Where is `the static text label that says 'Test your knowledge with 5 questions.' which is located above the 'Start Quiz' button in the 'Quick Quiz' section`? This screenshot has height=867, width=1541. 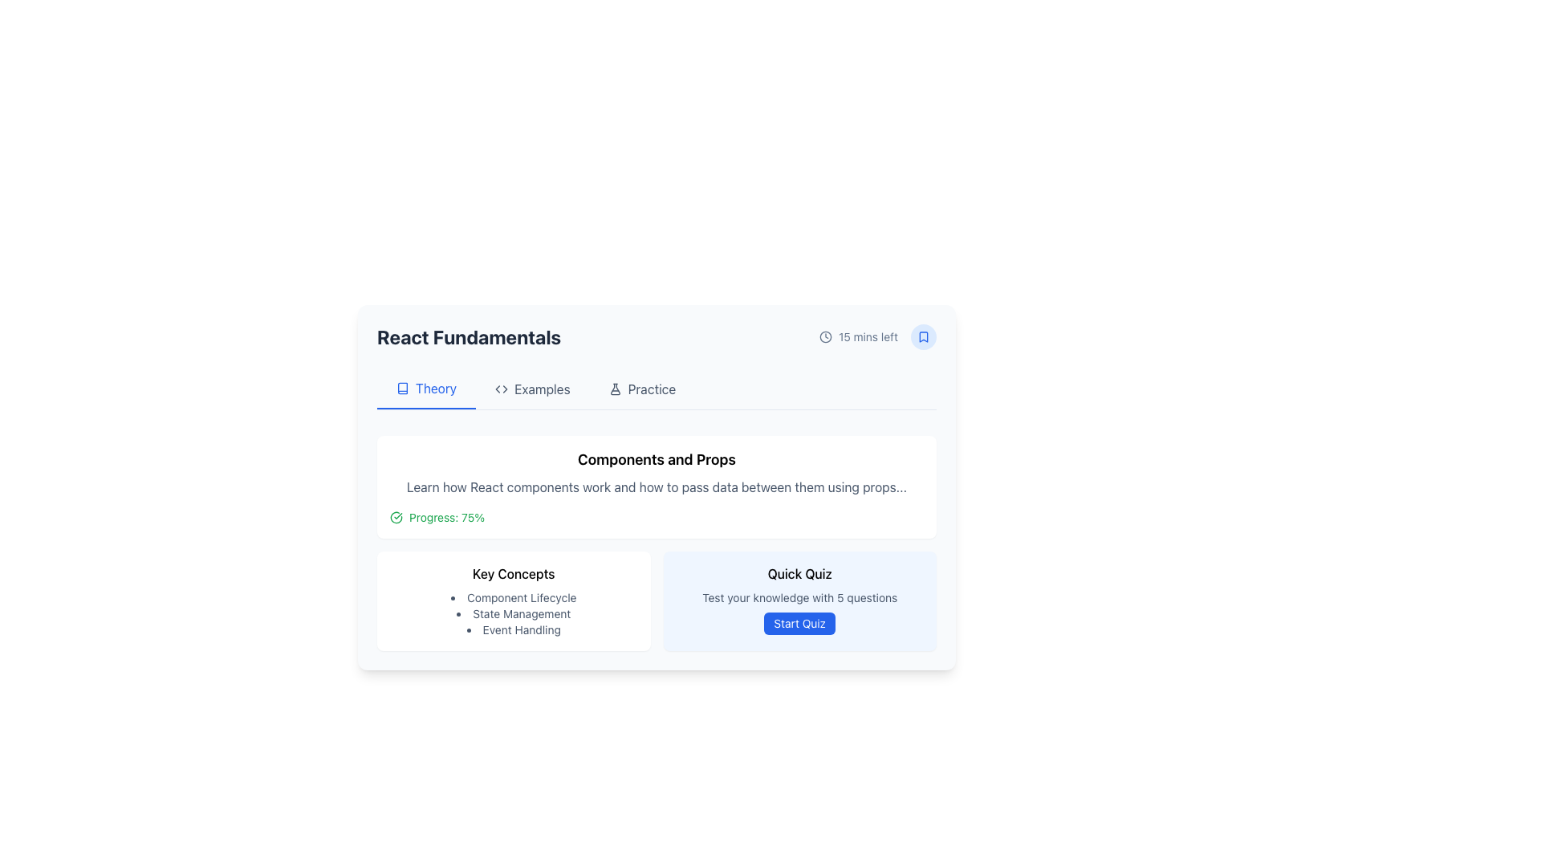
the static text label that says 'Test your knowledge with 5 questions.' which is located above the 'Start Quiz' button in the 'Quick Quiz' section is located at coordinates (799, 597).